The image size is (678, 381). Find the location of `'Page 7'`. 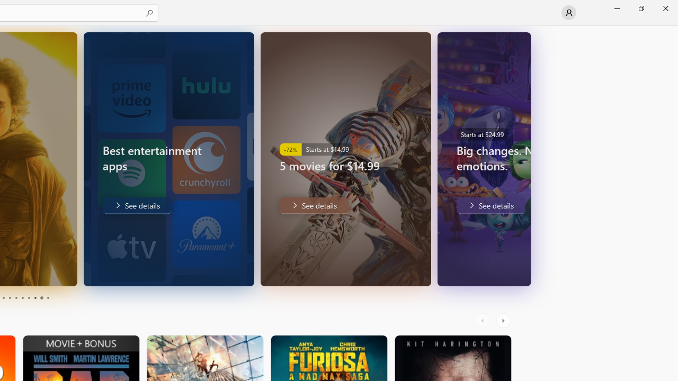

'Page 7' is located at coordinates (29, 298).